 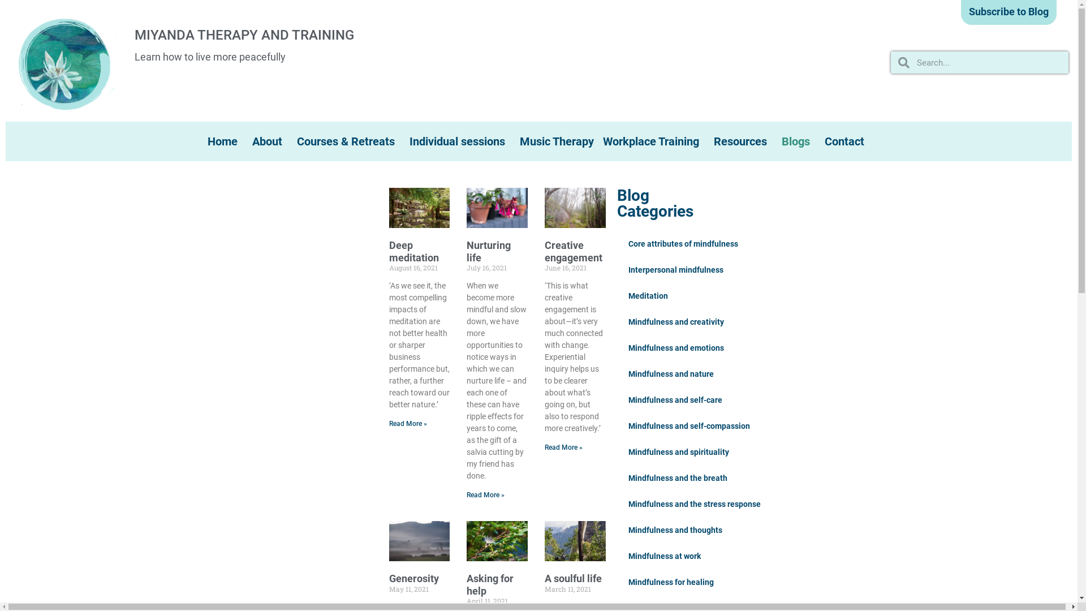 What do you see at coordinates (247, 141) in the screenshot?
I see `'About'` at bounding box center [247, 141].